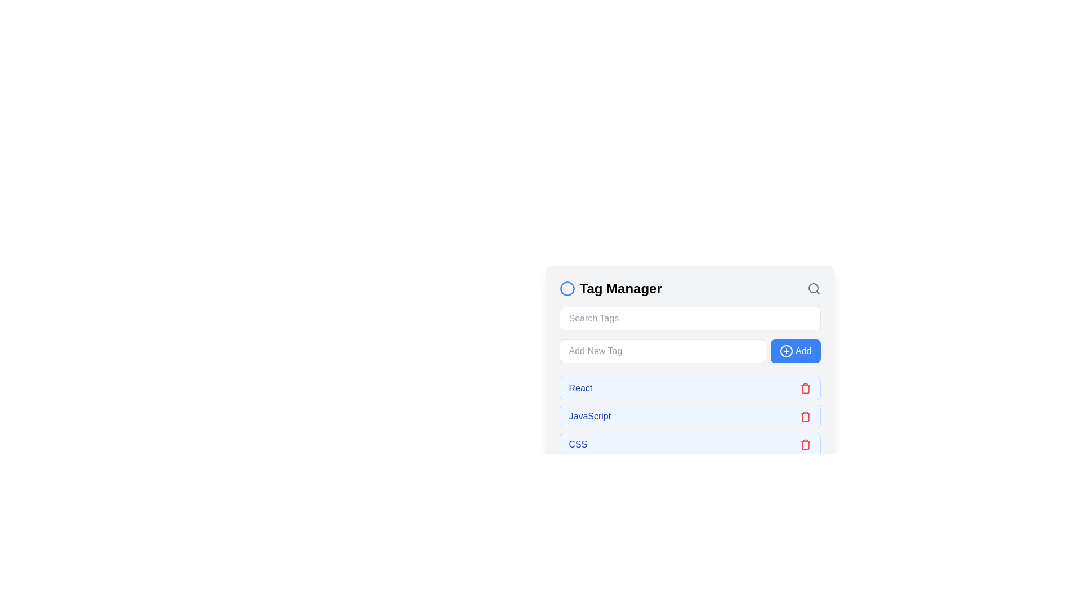 The height and width of the screenshot is (608, 1081). I want to click on the button with a blue background and white text stating 'Add' to observe the hover effect, so click(795, 351).